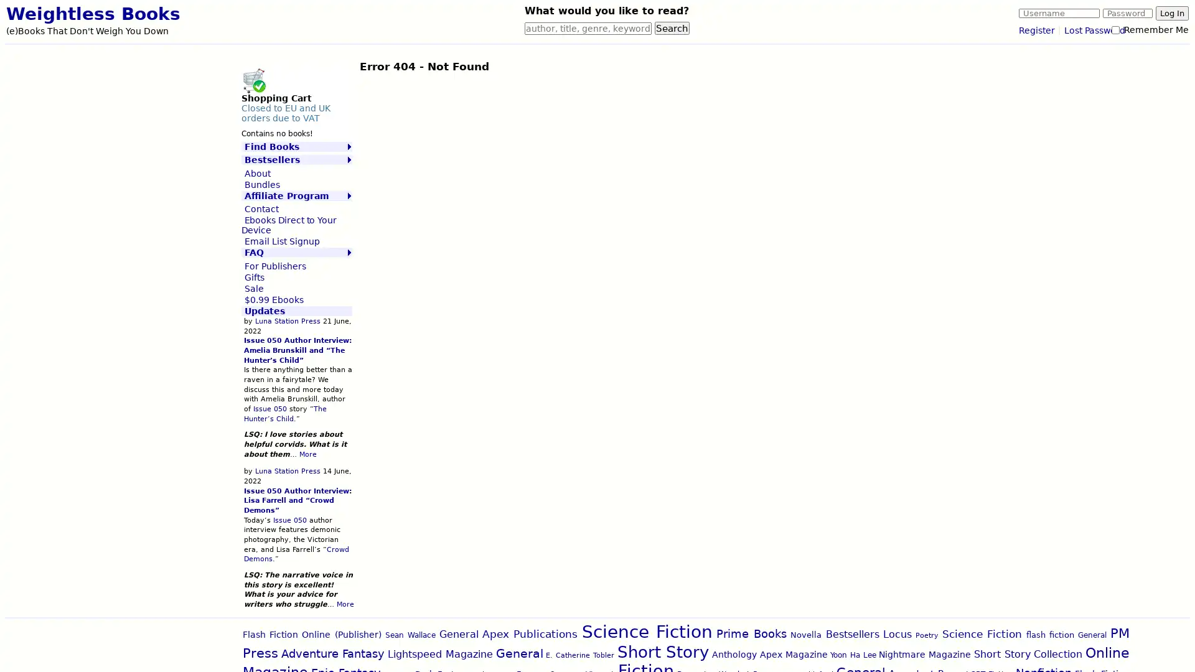  Describe the element at coordinates (253, 80) in the screenshot. I see `Shopping Cart` at that location.